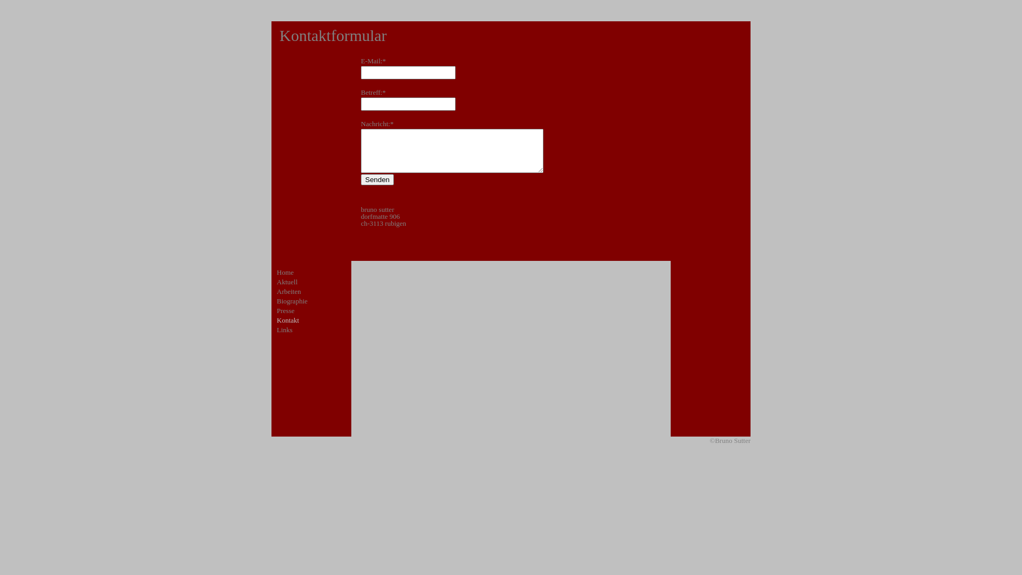 The image size is (1022, 575). Describe the element at coordinates (276, 291) in the screenshot. I see `'Arbeiten'` at that location.